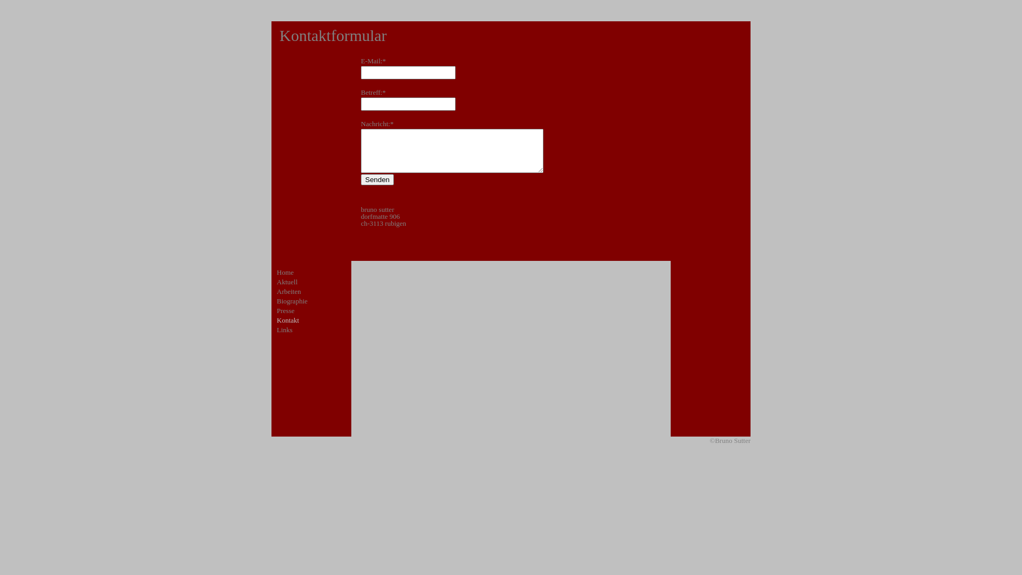 The image size is (1022, 575). Describe the element at coordinates (276, 291) in the screenshot. I see `'Arbeiten'` at that location.